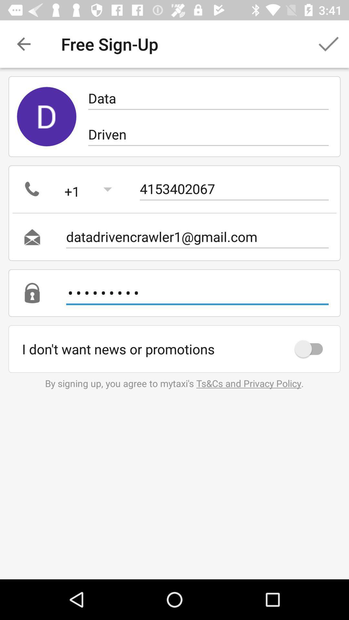 Image resolution: width=349 pixels, height=620 pixels. I want to click on the datadrivencrawler1@gmail.com, so click(197, 236).